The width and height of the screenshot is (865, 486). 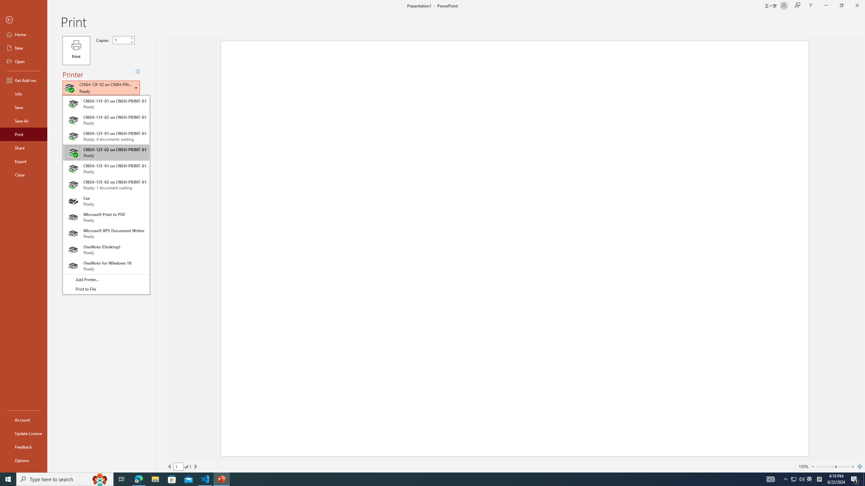 What do you see at coordinates (101, 88) in the screenshot?
I see `'Which Printer'` at bounding box center [101, 88].